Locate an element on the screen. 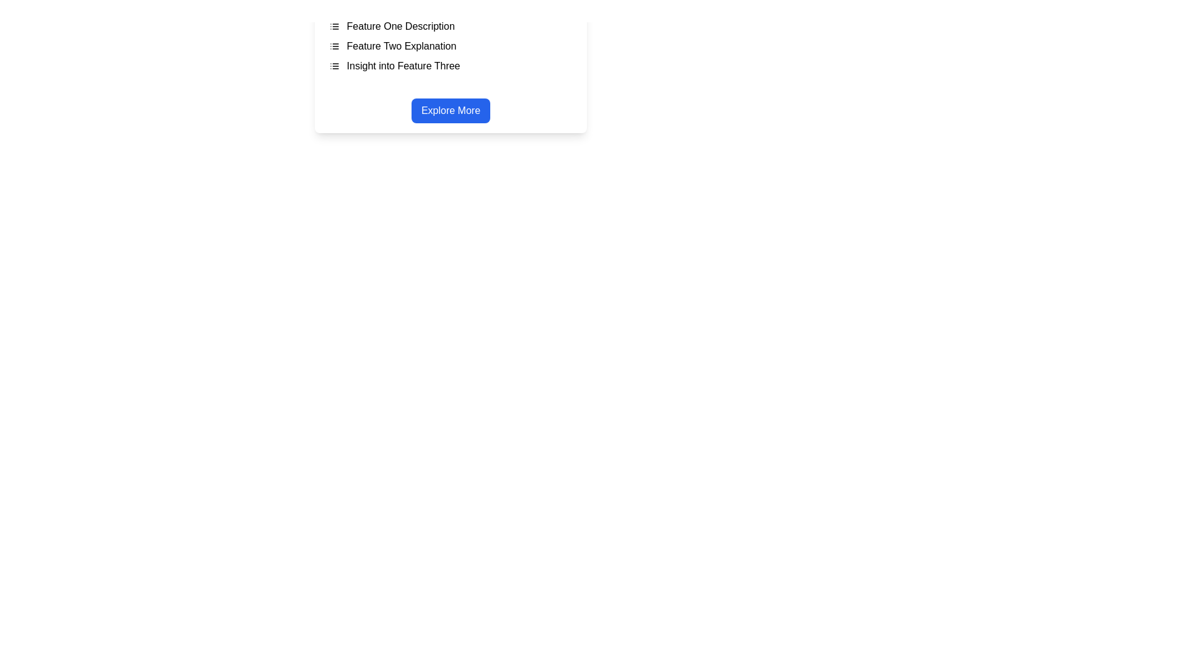 This screenshot has width=1190, height=669. the small square icon resembling a bulleted list, which has three evenly spaced horizontal lines inside it, located before the text 'Feature One Description' is located at coordinates (334, 26).